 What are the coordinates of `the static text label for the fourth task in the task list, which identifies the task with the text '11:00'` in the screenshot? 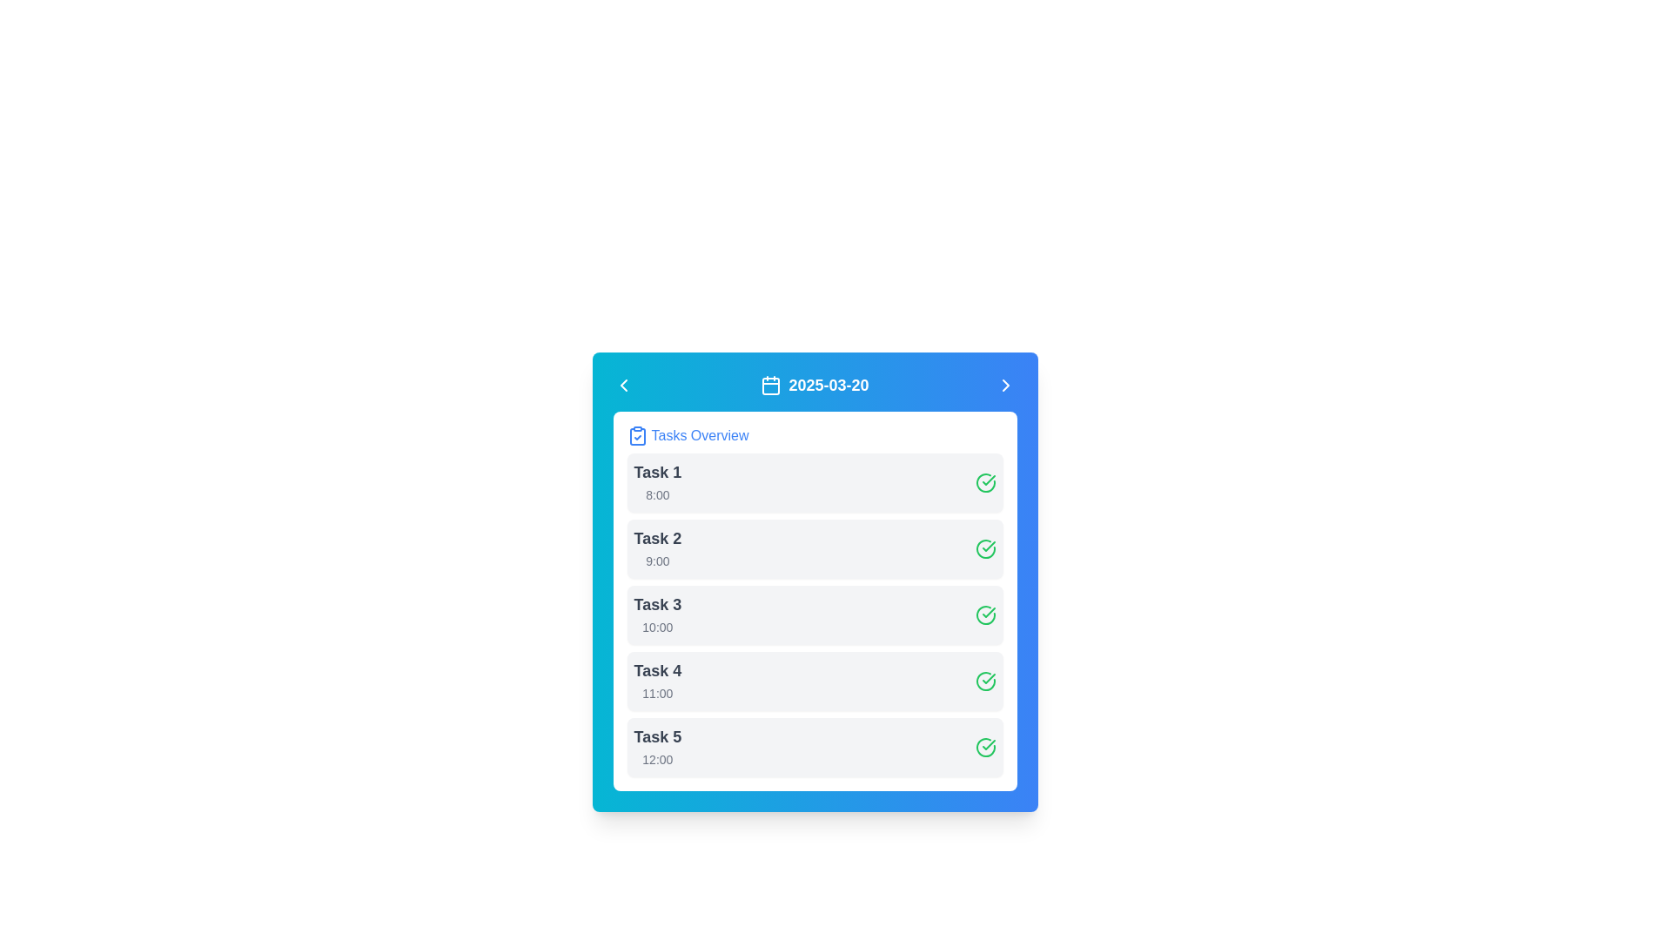 It's located at (656, 670).